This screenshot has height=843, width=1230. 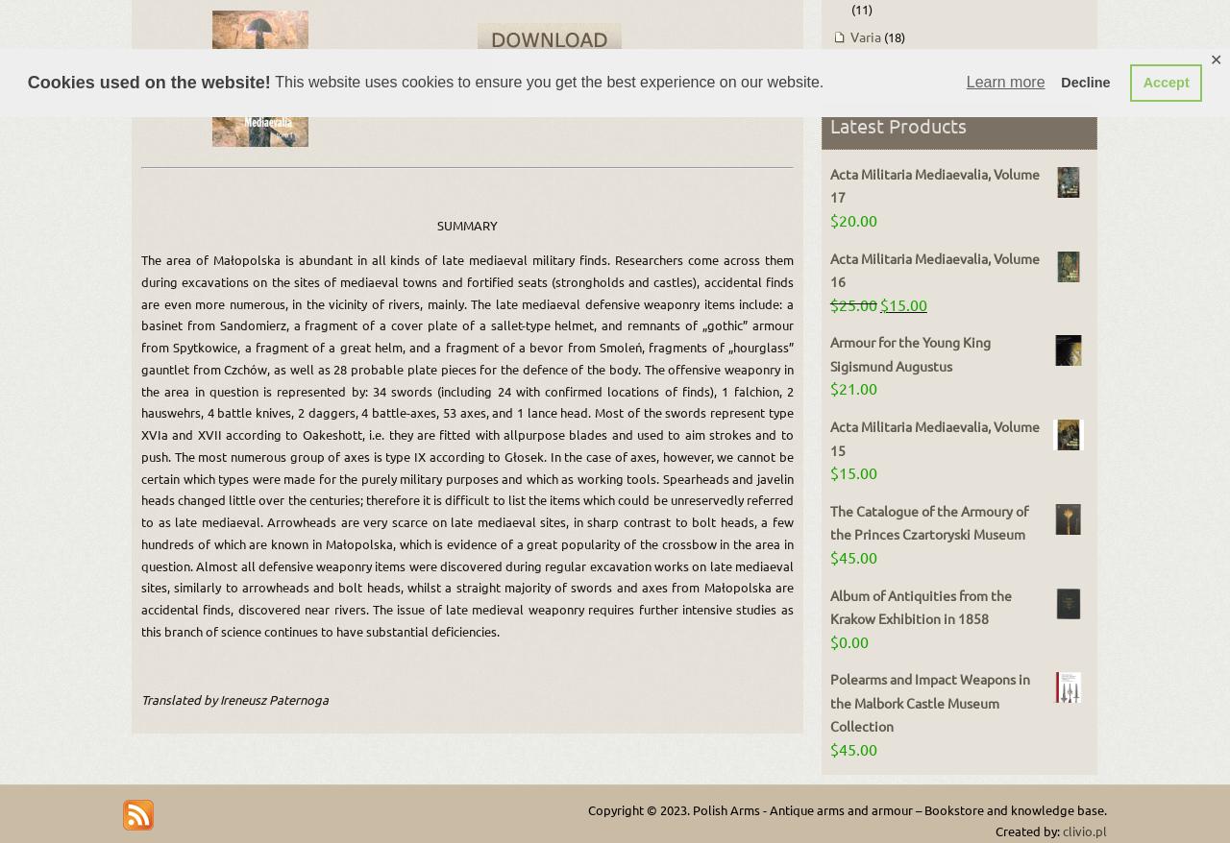 I want to click on 'The area of Małopolska is abundant in all kinds of late mediaeval military finds. Researchers come across them during excavations on the sites of mediaeval towns and fortified seats (strongholds and castles), accidental finds are even more numerous, in the vicinity of rivers, mainly. The late mediaeval defensive weaponry items include: a basinet from Sandomierz, a fragment of a cover plate of a sallet-type helmet, and remnants of „gothic” armour from Spytkowice, a fragment of a great helm, and a fragment of a bevor from Smoleń, fragments of „hourglass” gauntlet from Czchów, as well as 28 probable plate pieces for the defence of the body. The offensive weaponry in the area in question is represented by: 34 swords (including 24 with confirmed locations of finds), 1 falchion, 2 hauswehrs, 4 battle knives, 2 daggers, 4 battle-axes, 53 axes, and 1 lance head. Most of the swords represent type XVIa and XVII according to Oakeshott, i.e. they are fitted with allpurpose blades and used to aim strokes and to push. The most numerous group of axes is type IX according to Głosek. In the case of axes, however, we cannot be certain which types were made for the purely military purposes and which as working tools. Spearheads and javelin heads changed little over the centuries; therefore it is difficult to list the items which could be unreservedly referred to as late mediaeval. Arrowheads are very scarce on late mediaeval sites, in sharp contrast to bolt heads, a few hundreds of which are known in Małopolska, which is evidence of a great popularity of the crossbow in the area in question. Almost all defensive weaponry items were discovered during regular excavation works on late mediaeval sites, similarly to arrowheads and bolt heads, whilst a straight majority of swords and axes from Małopolska are accidental finds, discovered near rivers. The issue of late medieval weaponry requires further intensive studies as this branch of science continues to have substantial deficiencies.', so click(x=467, y=444).